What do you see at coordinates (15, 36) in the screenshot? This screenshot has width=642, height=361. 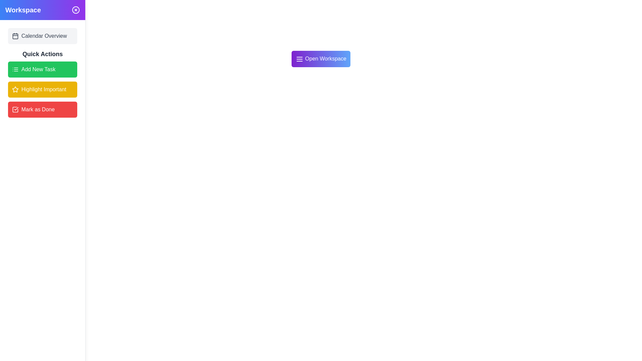 I see `the 'Calendar Overview' button icon in the sidebar` at bounding box center [15, 36].